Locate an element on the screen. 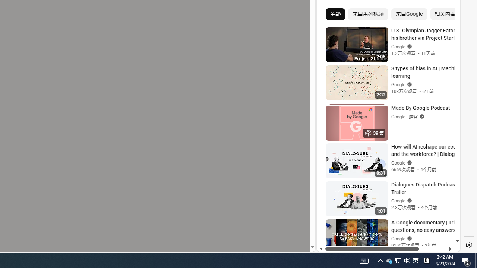 The height and width of the screenshot is (268, 477). 'Global web icon' is located at coordinates (331, 160).